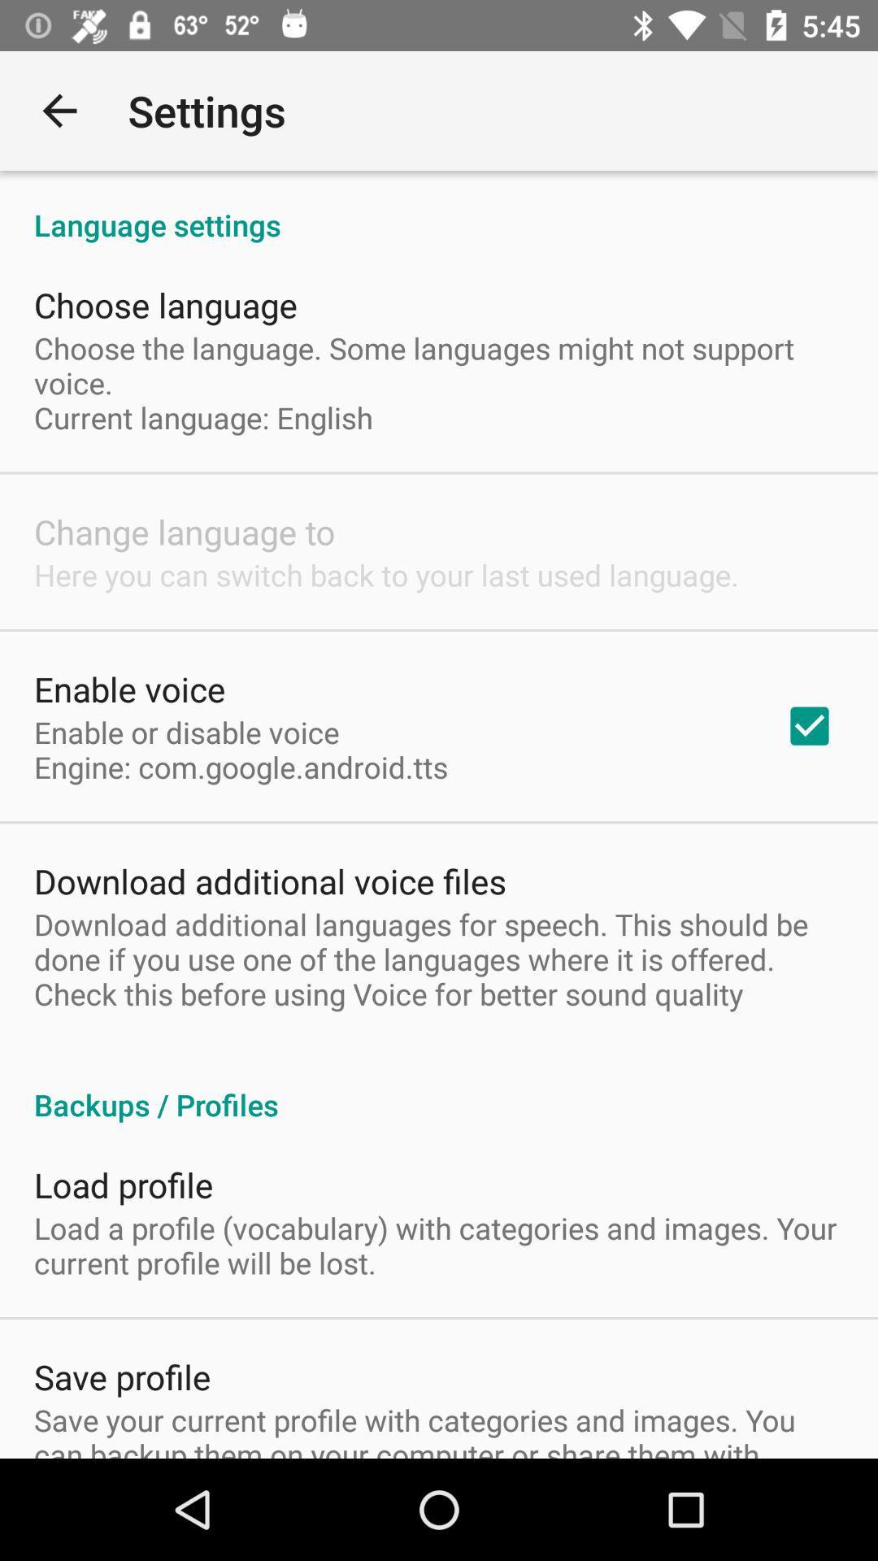  Describe the element at coordinates (59, 110) in the screenshot. I see `app next to settings item` at that location.